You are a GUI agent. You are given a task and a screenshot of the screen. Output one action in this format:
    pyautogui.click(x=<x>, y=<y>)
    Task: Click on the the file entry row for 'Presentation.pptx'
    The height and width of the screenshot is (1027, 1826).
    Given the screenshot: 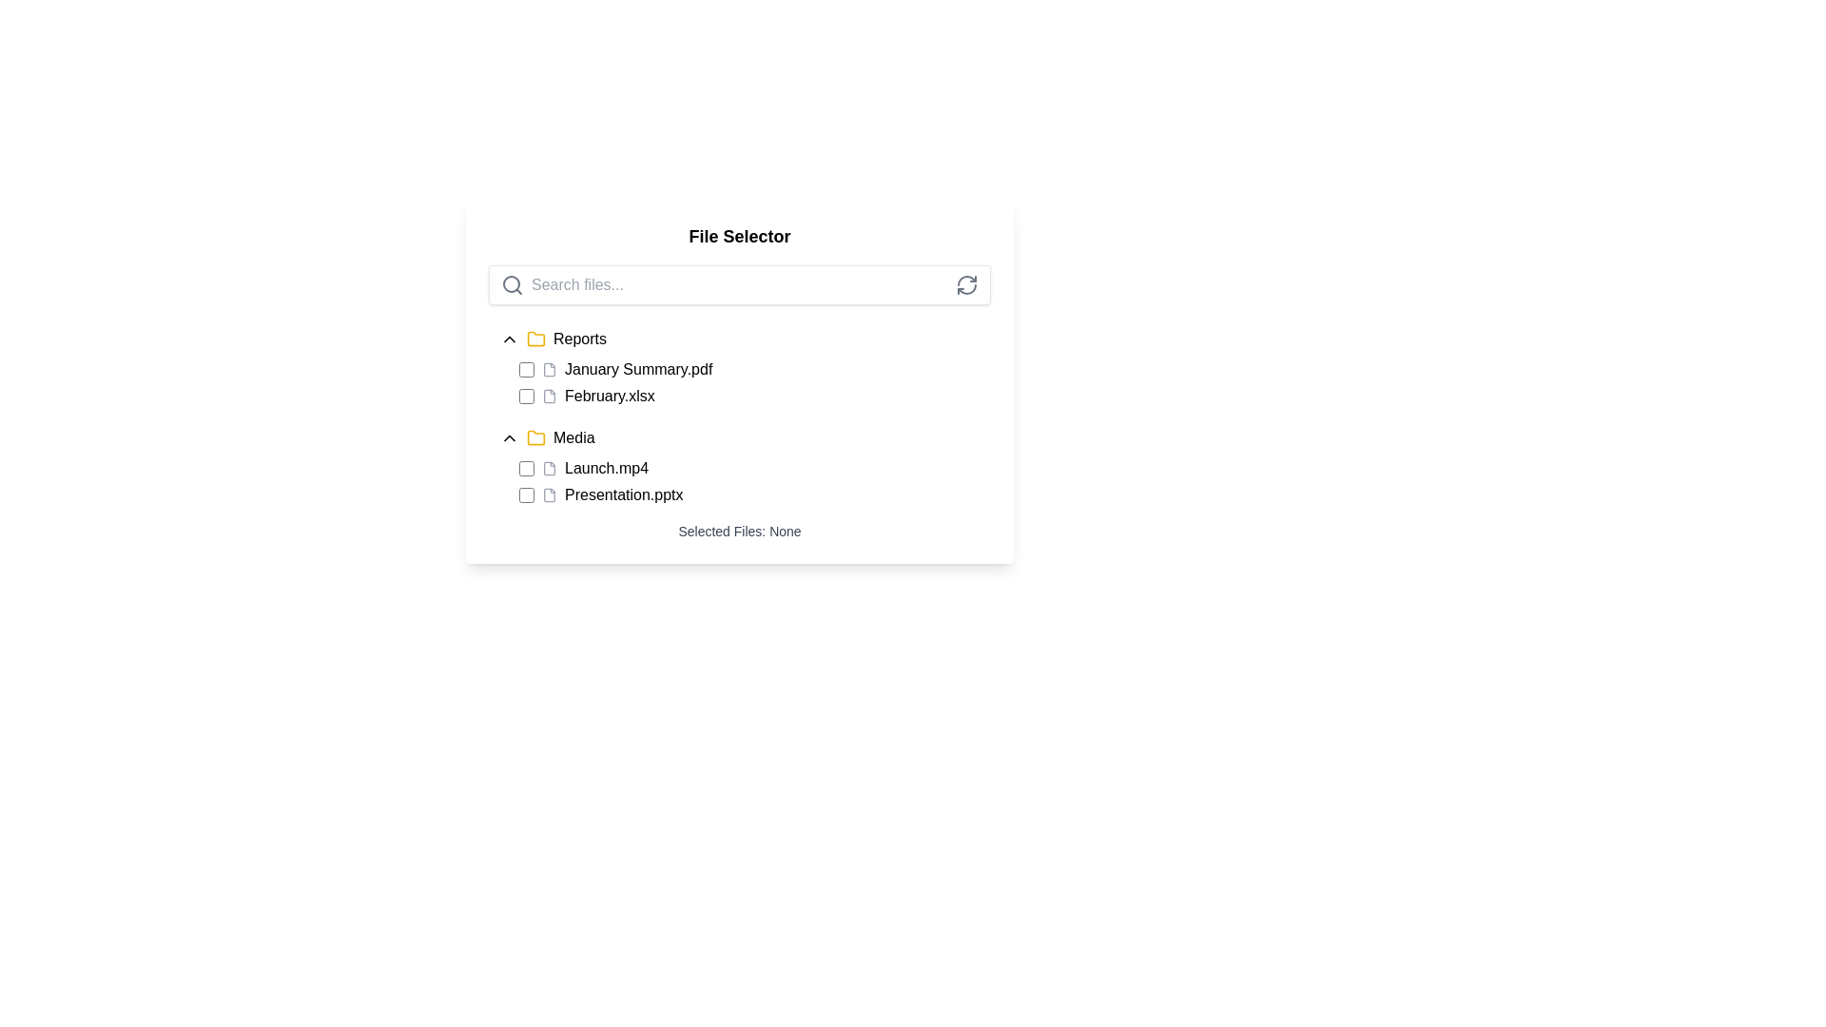 What is the action you would take?
    pyautogui.click(x=753, y=494)
    